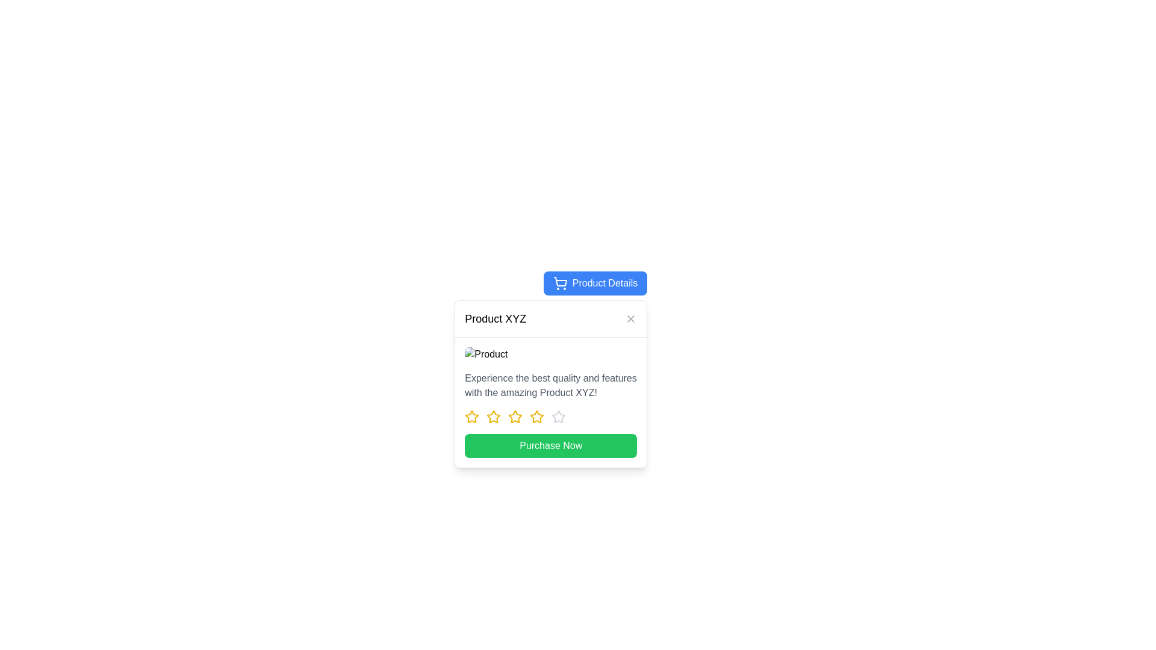  Describe the element at coordinates (536, 415) in the screenshot. I see `the fourth yellow star icon with a hollow center to rate the product with this score` at that location.